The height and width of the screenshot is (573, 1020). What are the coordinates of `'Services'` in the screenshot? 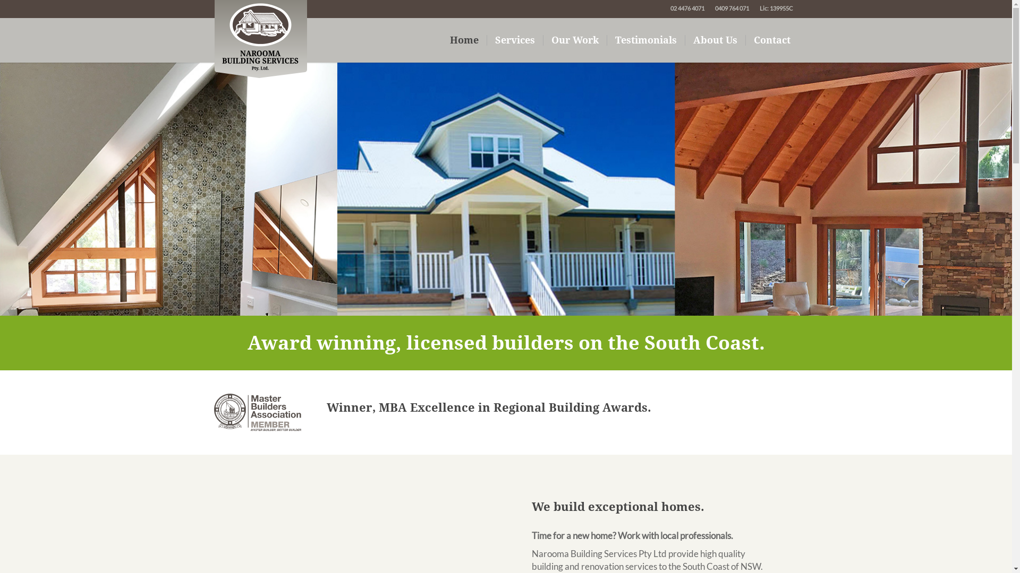 It's located at (515, 40).